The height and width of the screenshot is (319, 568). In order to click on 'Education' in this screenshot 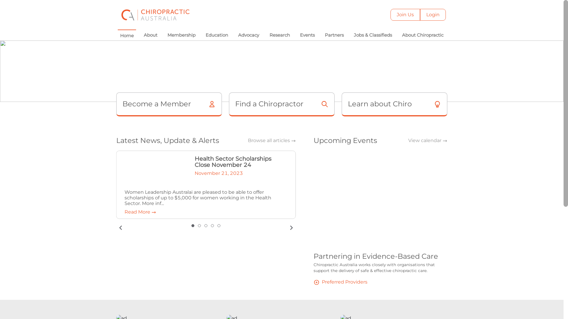, I will do `click(217, 35)`.